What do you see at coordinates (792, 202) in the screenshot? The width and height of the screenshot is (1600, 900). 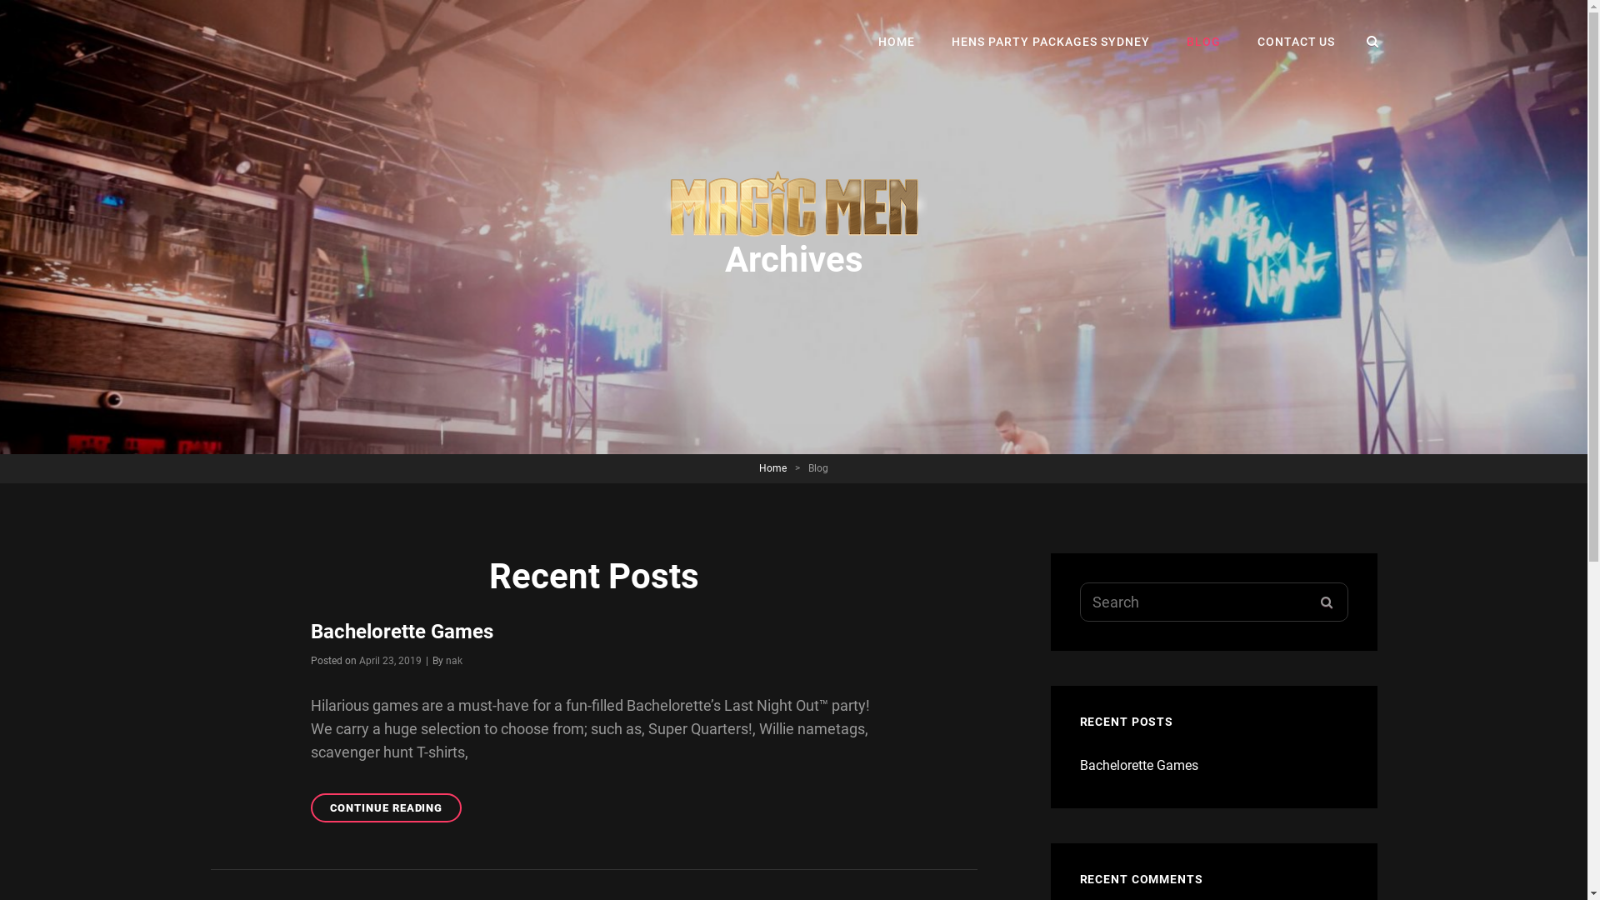 I see `'http://www.nakedtreaties.com.au/'` at bounding box center [792, 202].